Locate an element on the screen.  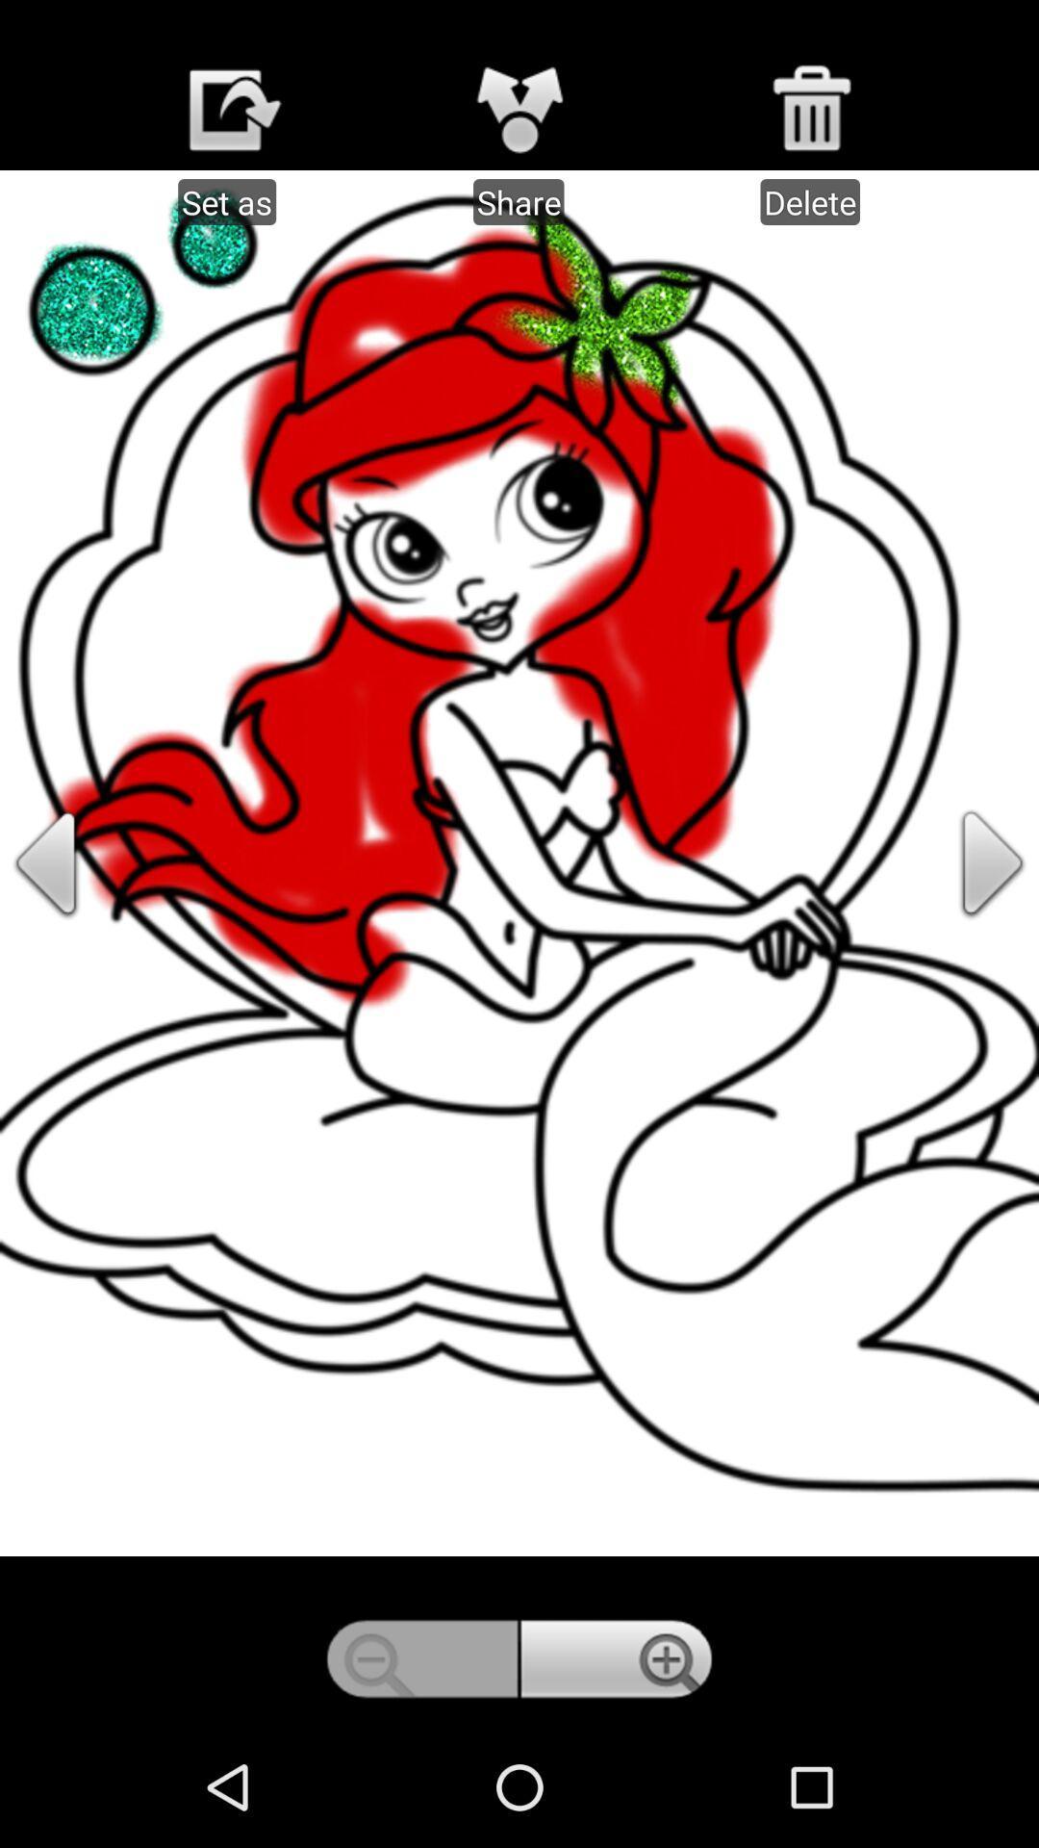
the play icon is located at coordinates (963, 922).